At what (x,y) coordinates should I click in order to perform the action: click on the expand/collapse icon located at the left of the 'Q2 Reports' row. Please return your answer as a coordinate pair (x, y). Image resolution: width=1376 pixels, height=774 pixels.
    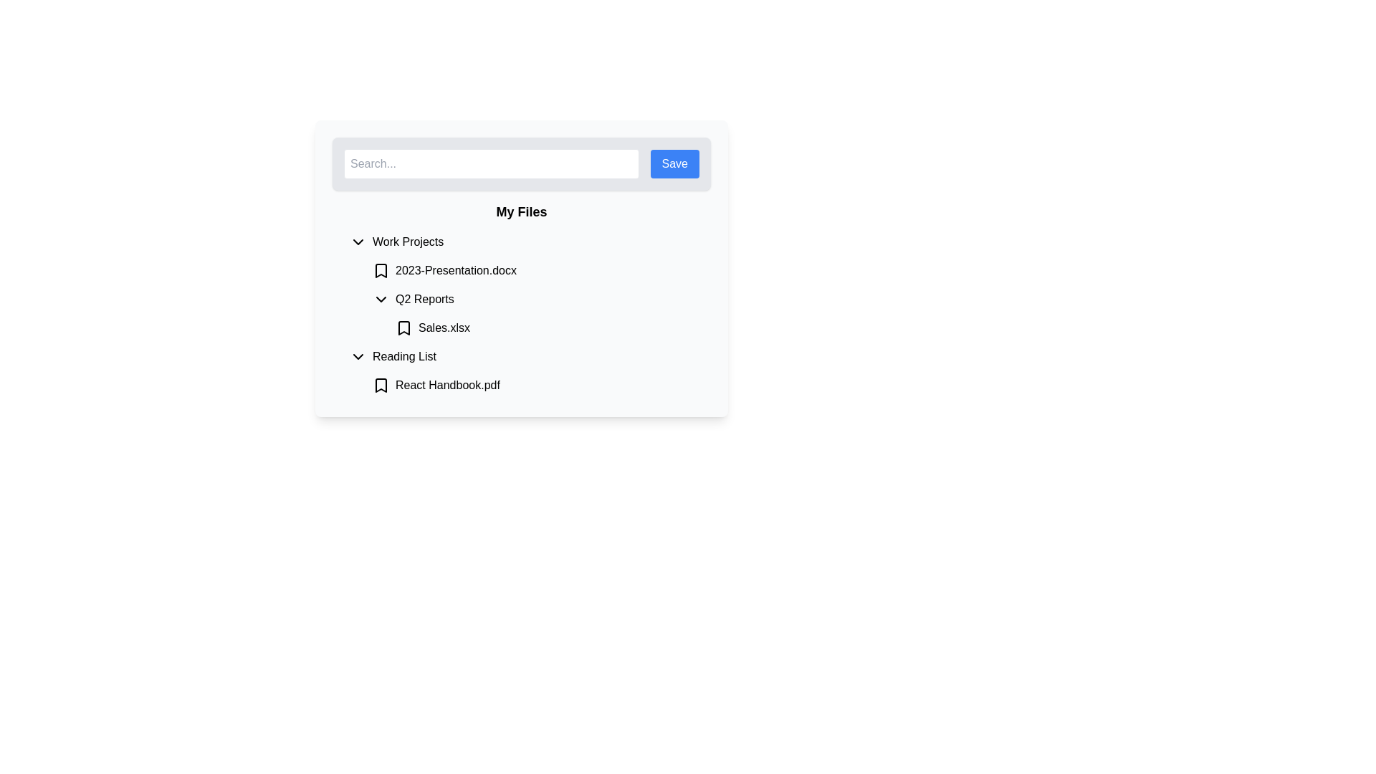
    Looking at the image, I should click on (381, 298).